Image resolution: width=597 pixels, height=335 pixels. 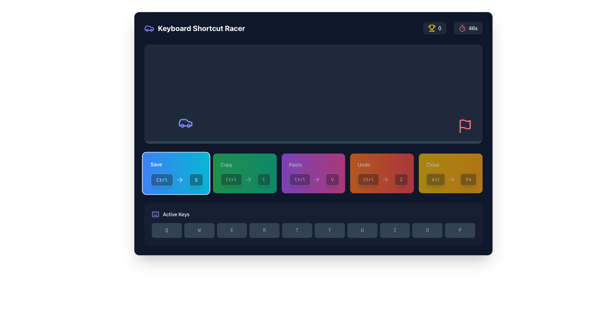 What do you see at coordinates (439, 28) in the screenshot?
I see `the text label displaying '0' in white font, located in the top-right corner of the interface, next to a trophy icon and a timer` at bounding box center [439, 28].